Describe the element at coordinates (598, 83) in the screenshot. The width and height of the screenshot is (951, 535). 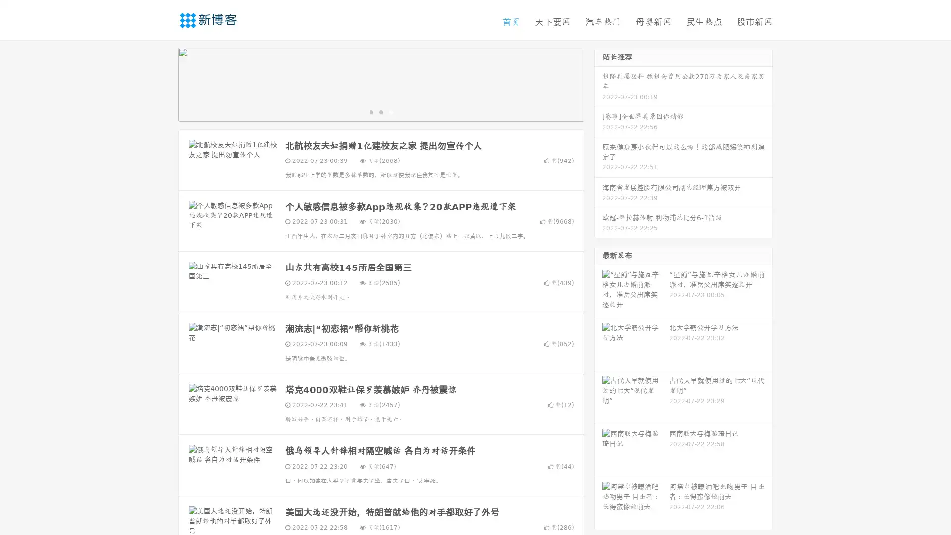
I see `Next slide` at that location.